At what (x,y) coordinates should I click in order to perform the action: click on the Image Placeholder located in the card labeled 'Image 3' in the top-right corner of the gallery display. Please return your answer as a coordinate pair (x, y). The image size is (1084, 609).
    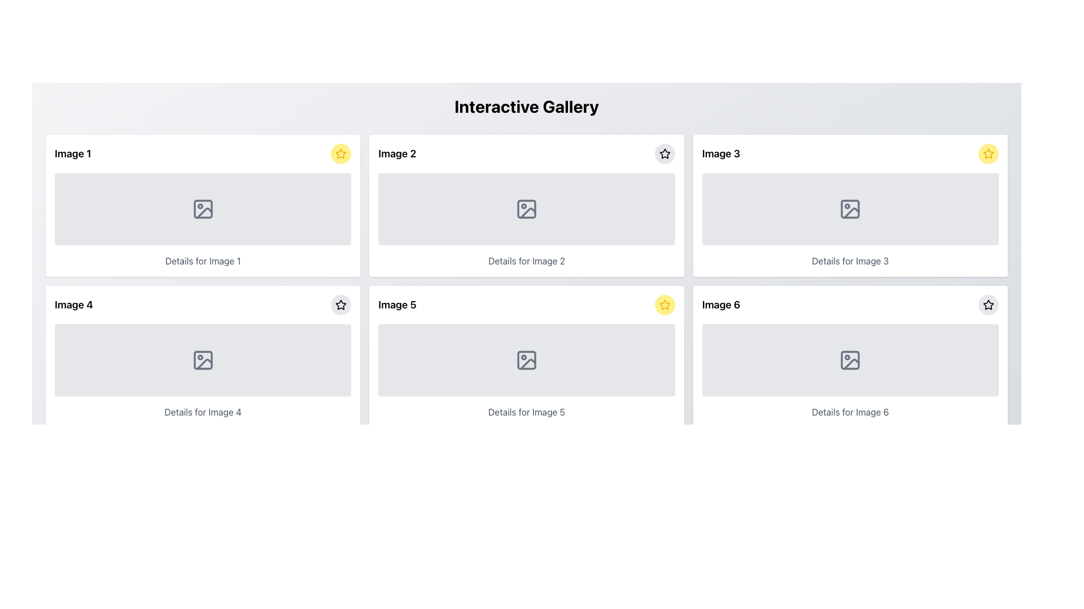
    Looking at the image, I should click on (850, 209).